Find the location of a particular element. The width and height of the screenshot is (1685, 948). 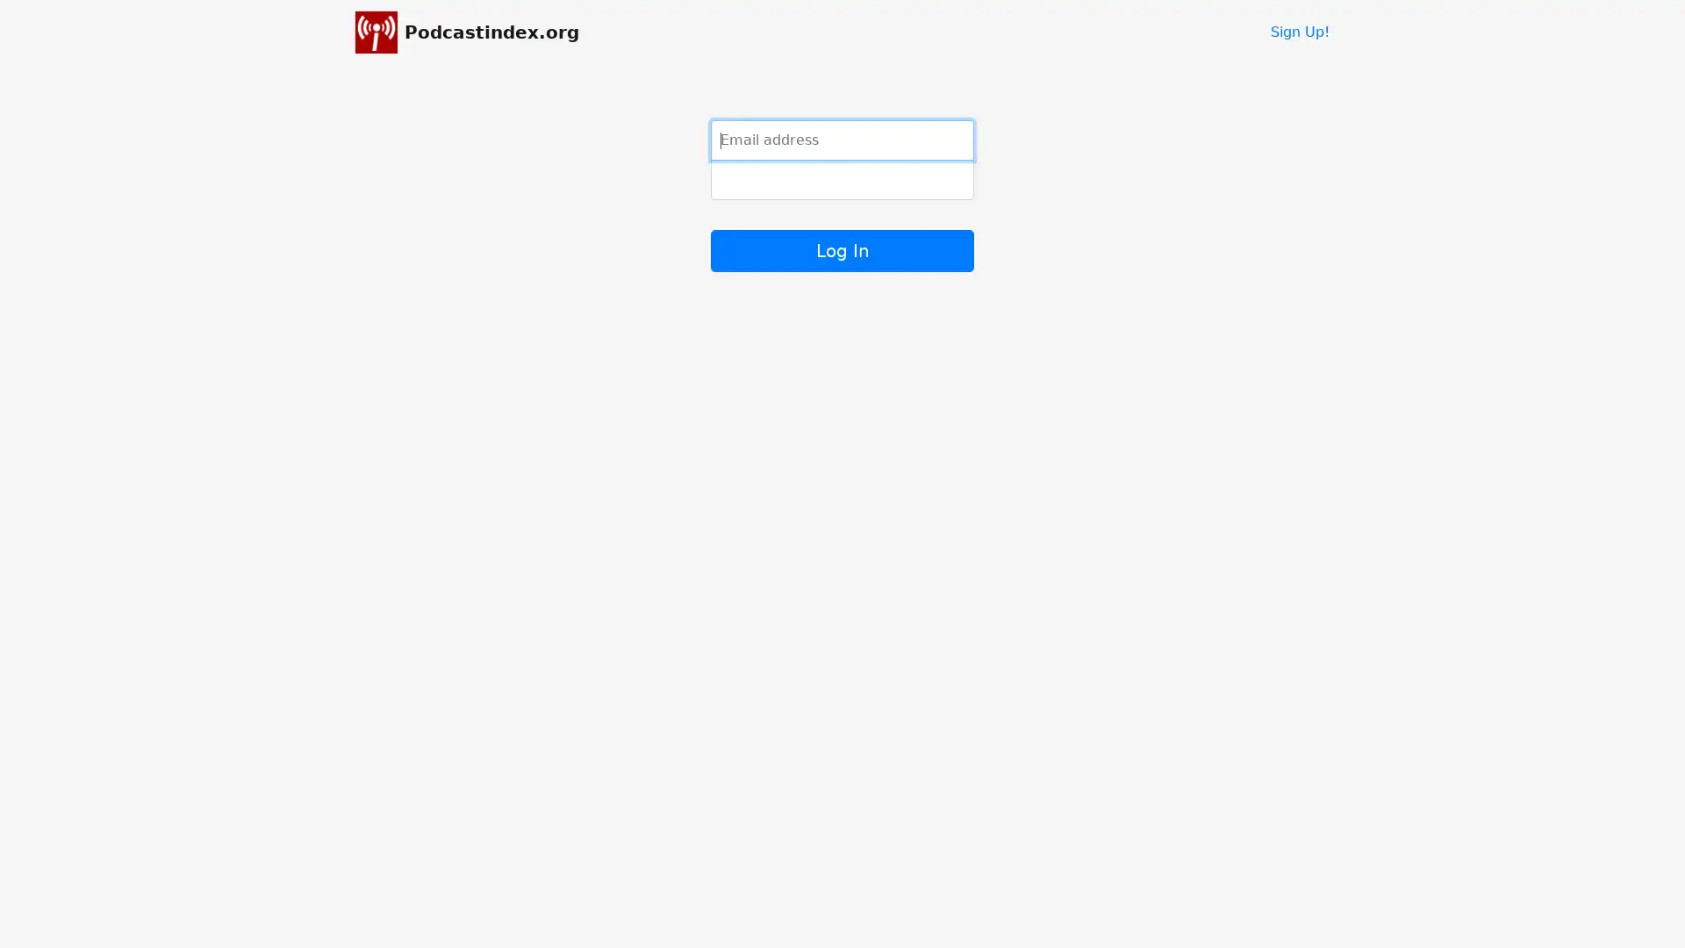

Log In is located at coordinates (842, 250).